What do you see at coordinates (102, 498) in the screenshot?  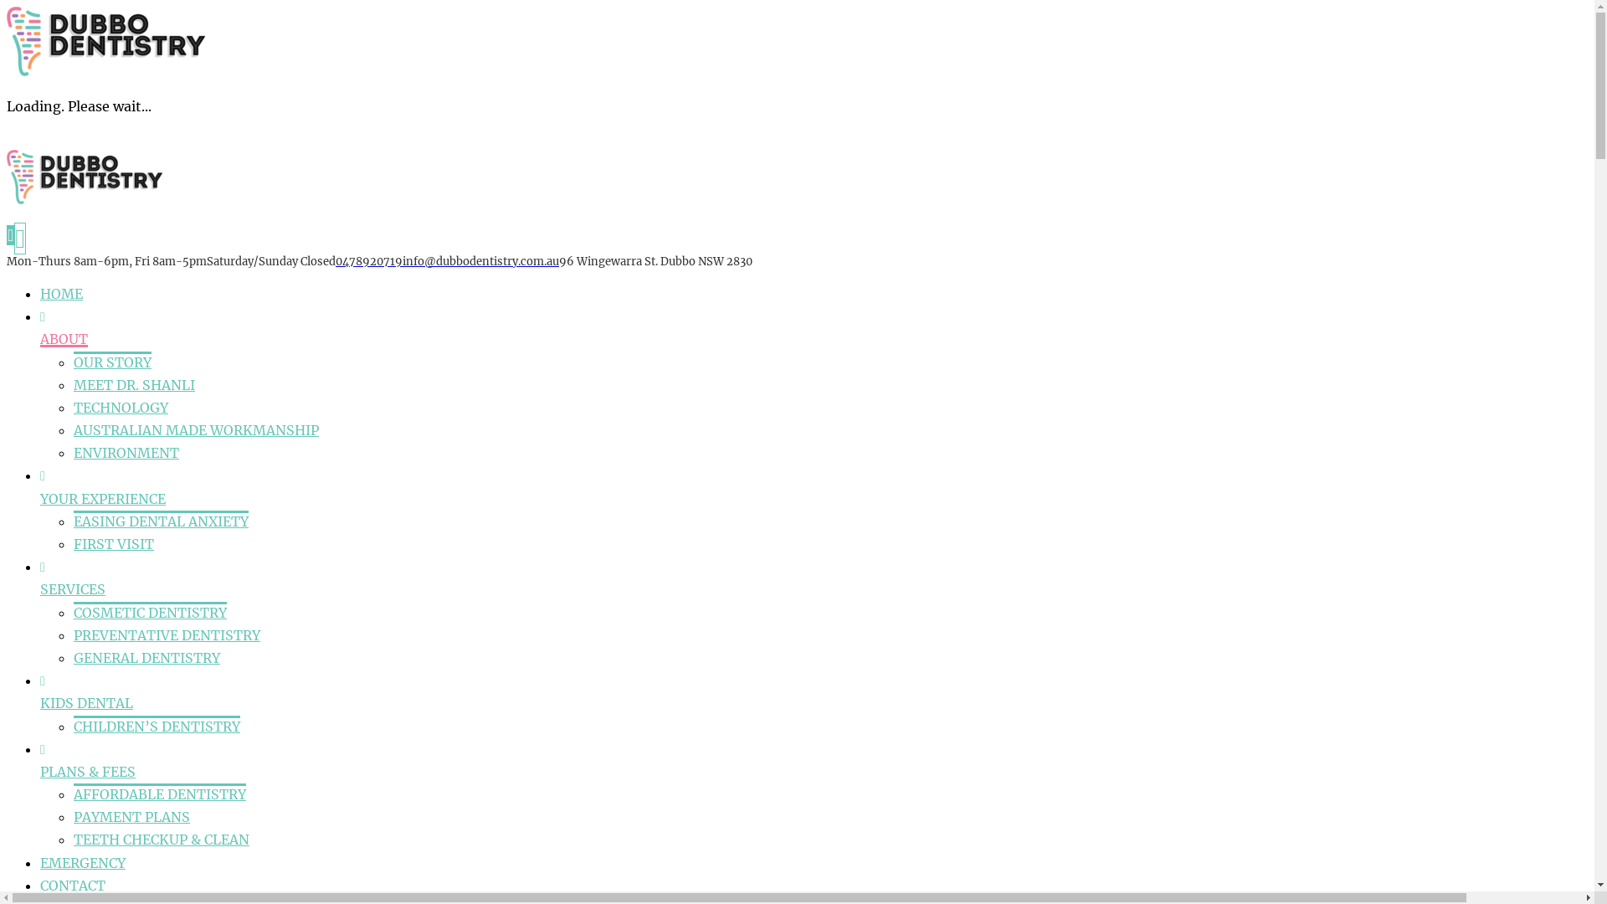 I see `'YOUR EXPERIENCE'` at bounding box center [102, 498].